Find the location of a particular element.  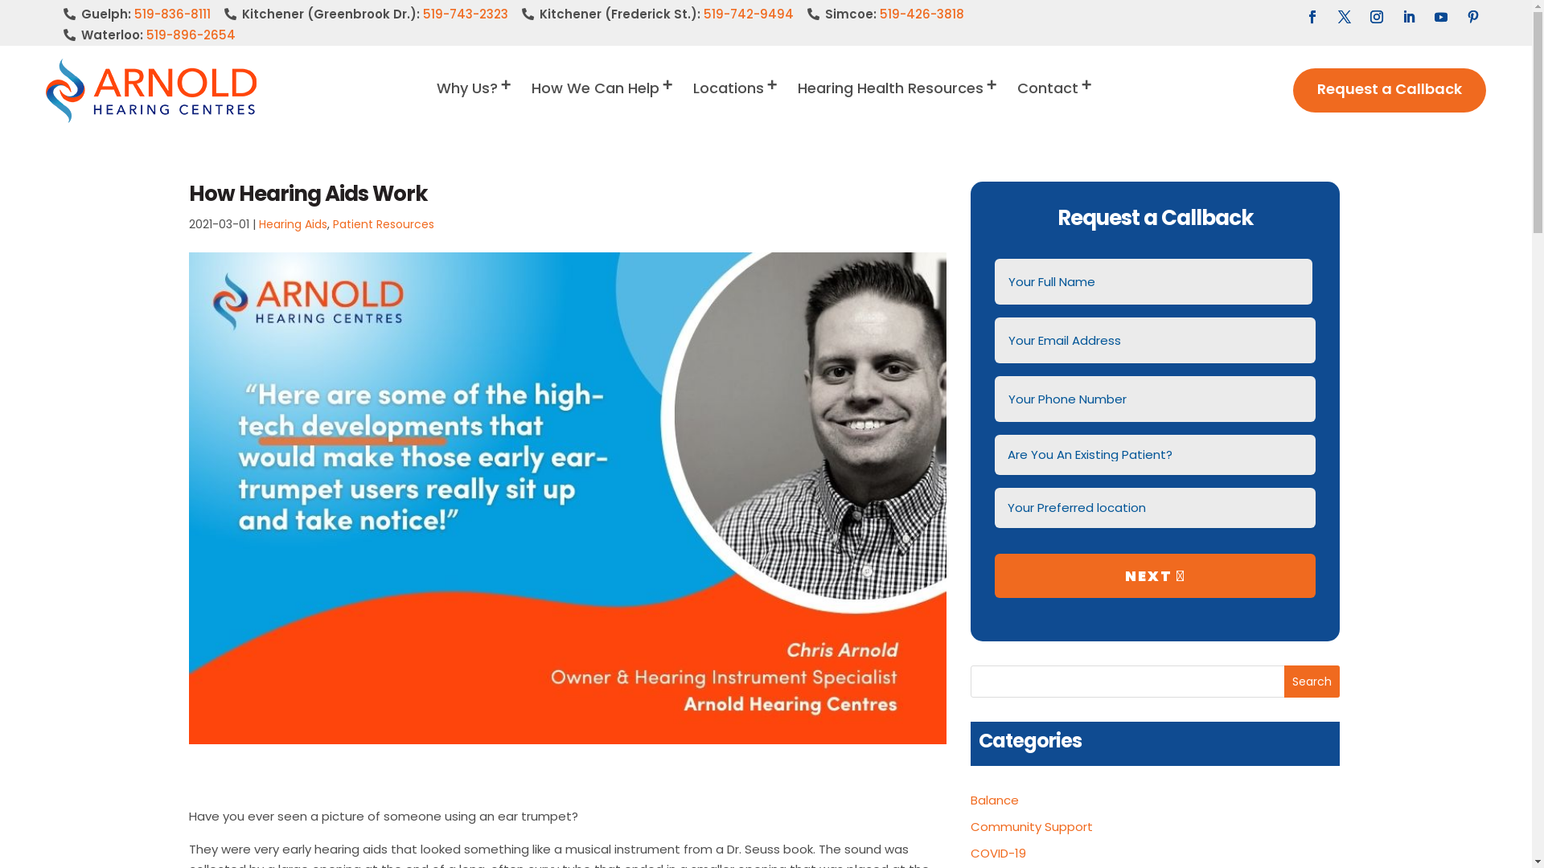

'Follow on Youtube' is located at coordinates (1440, 16).